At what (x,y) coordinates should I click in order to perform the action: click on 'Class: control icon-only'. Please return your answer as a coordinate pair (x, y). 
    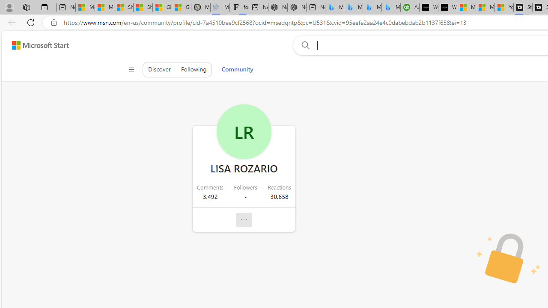
    Looking at the image, I should click on (131, 69).